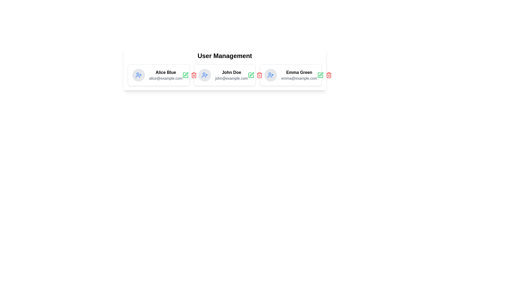  Describe the element at coordinates (225, 75) in the screenshot. I see `the Profile section that displays user information, located between 'Alice Blue' and 'Emma Green'` at that location.